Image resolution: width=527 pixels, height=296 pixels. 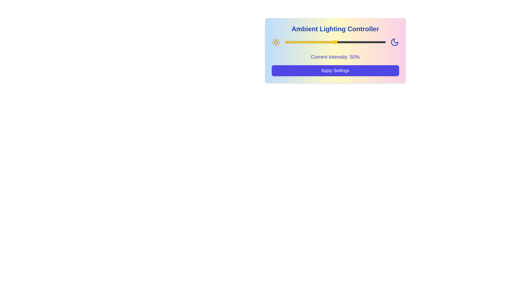 I want to click on the Sun icon to adjust lighting, so click(x=276, y=42).